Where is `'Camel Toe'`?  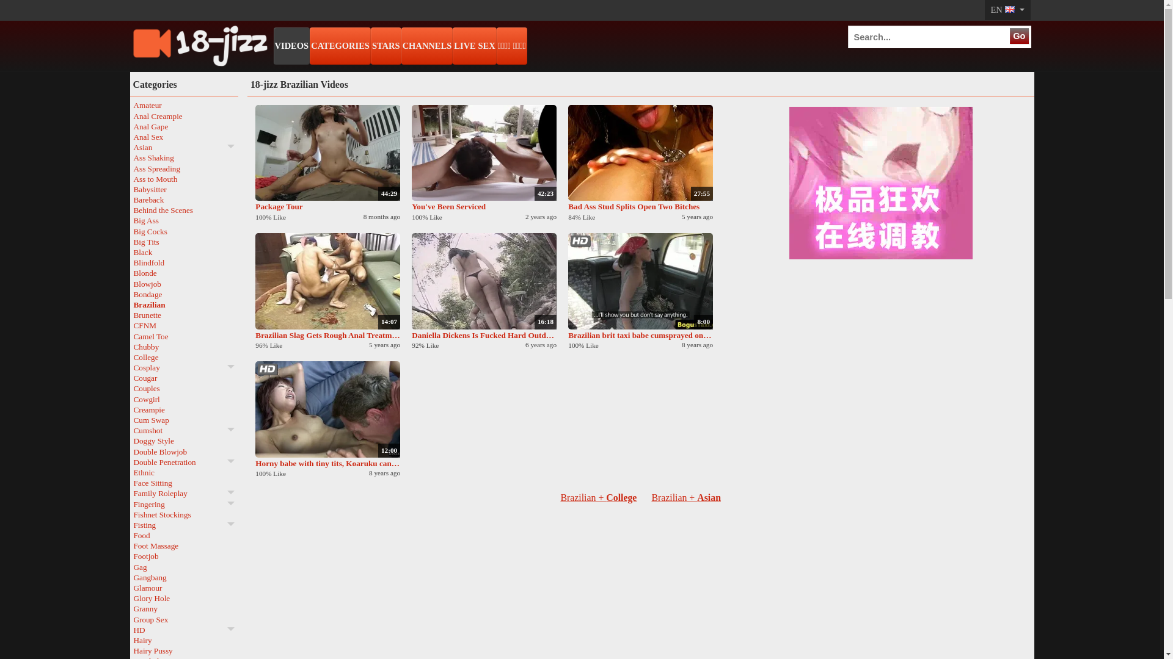 'Camel Toe' is located at coordinates (183, 336).